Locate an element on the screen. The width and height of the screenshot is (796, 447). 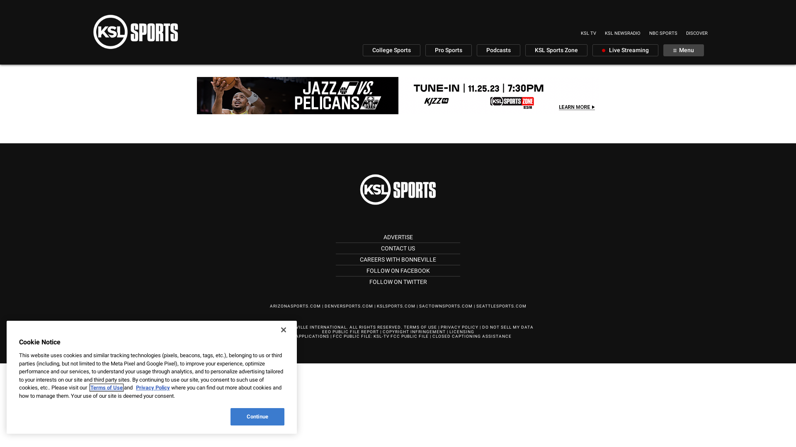
'DISCOVER' is located at coordinates (696, 33).